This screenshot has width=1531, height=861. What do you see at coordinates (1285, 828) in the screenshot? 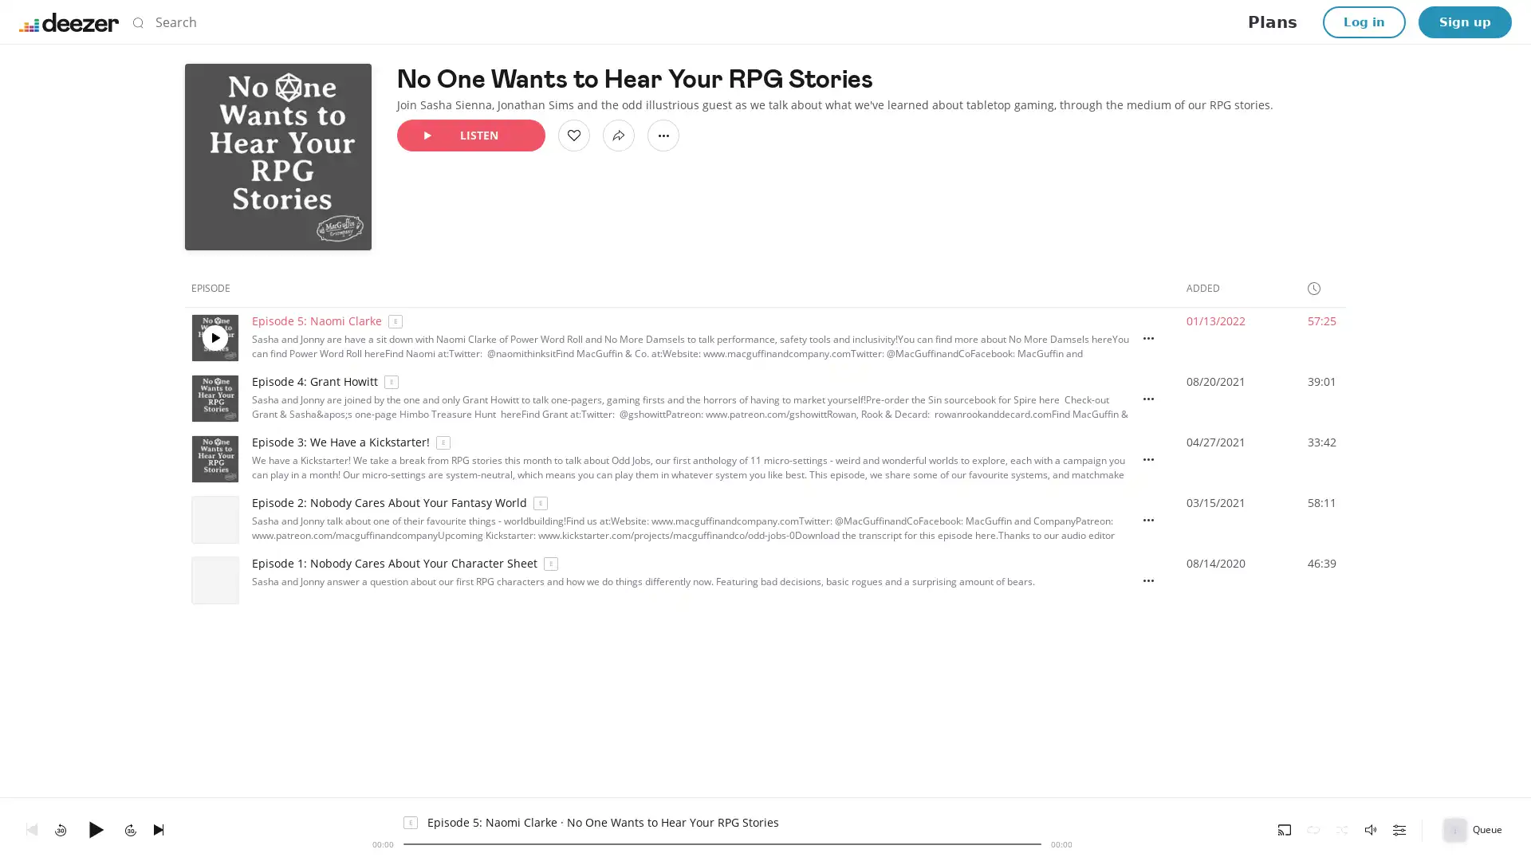
I see `Chromecast` at bounding box center [1285, 828].